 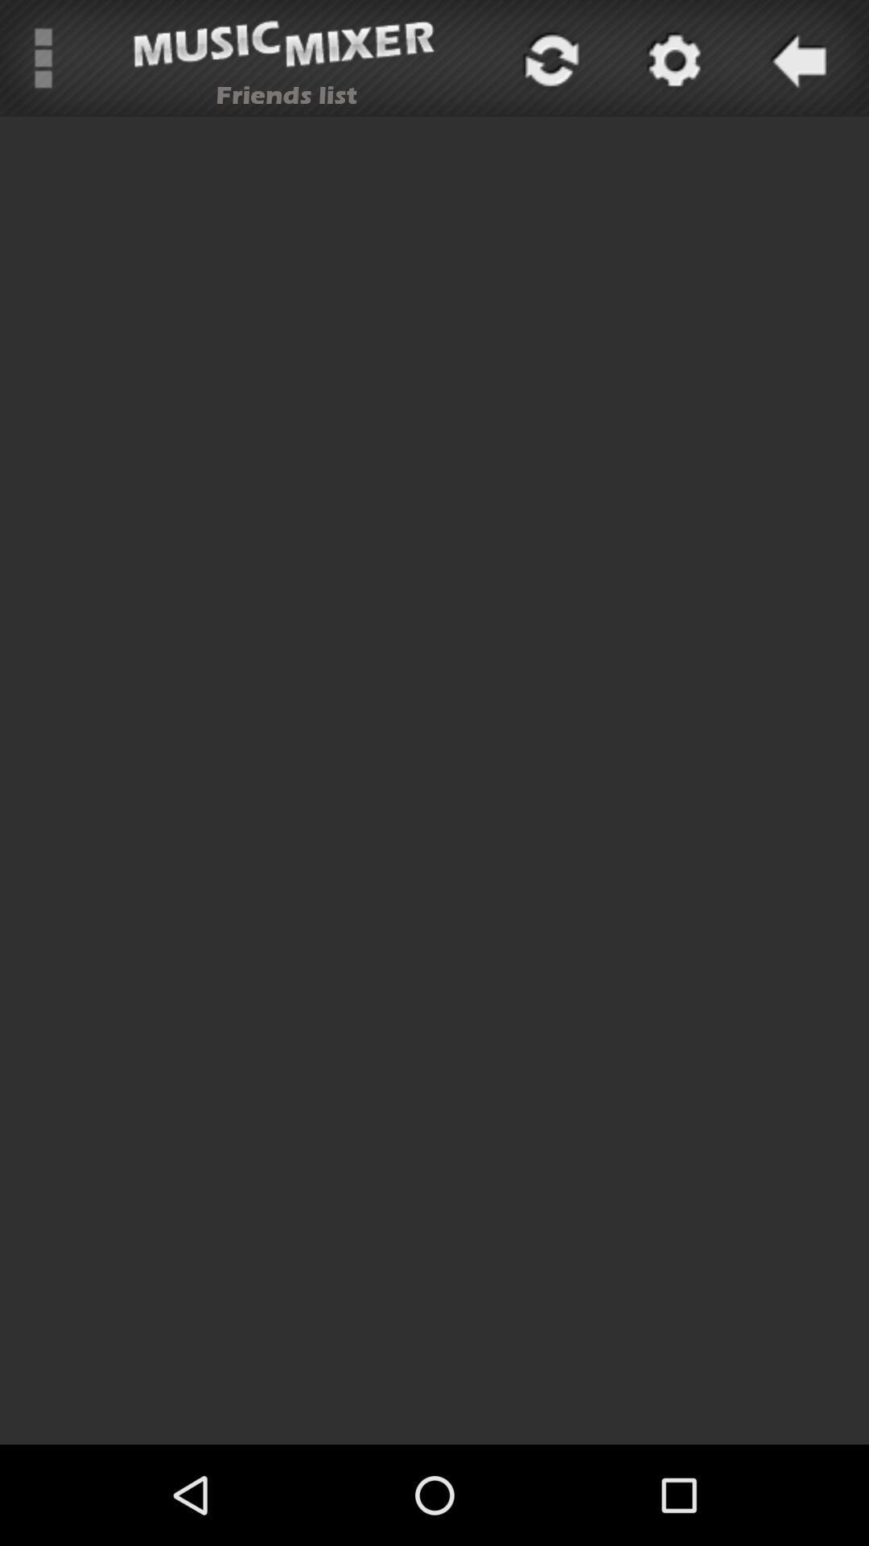 I want to click on the arrow_backward icon, so click(x=795, y=62).